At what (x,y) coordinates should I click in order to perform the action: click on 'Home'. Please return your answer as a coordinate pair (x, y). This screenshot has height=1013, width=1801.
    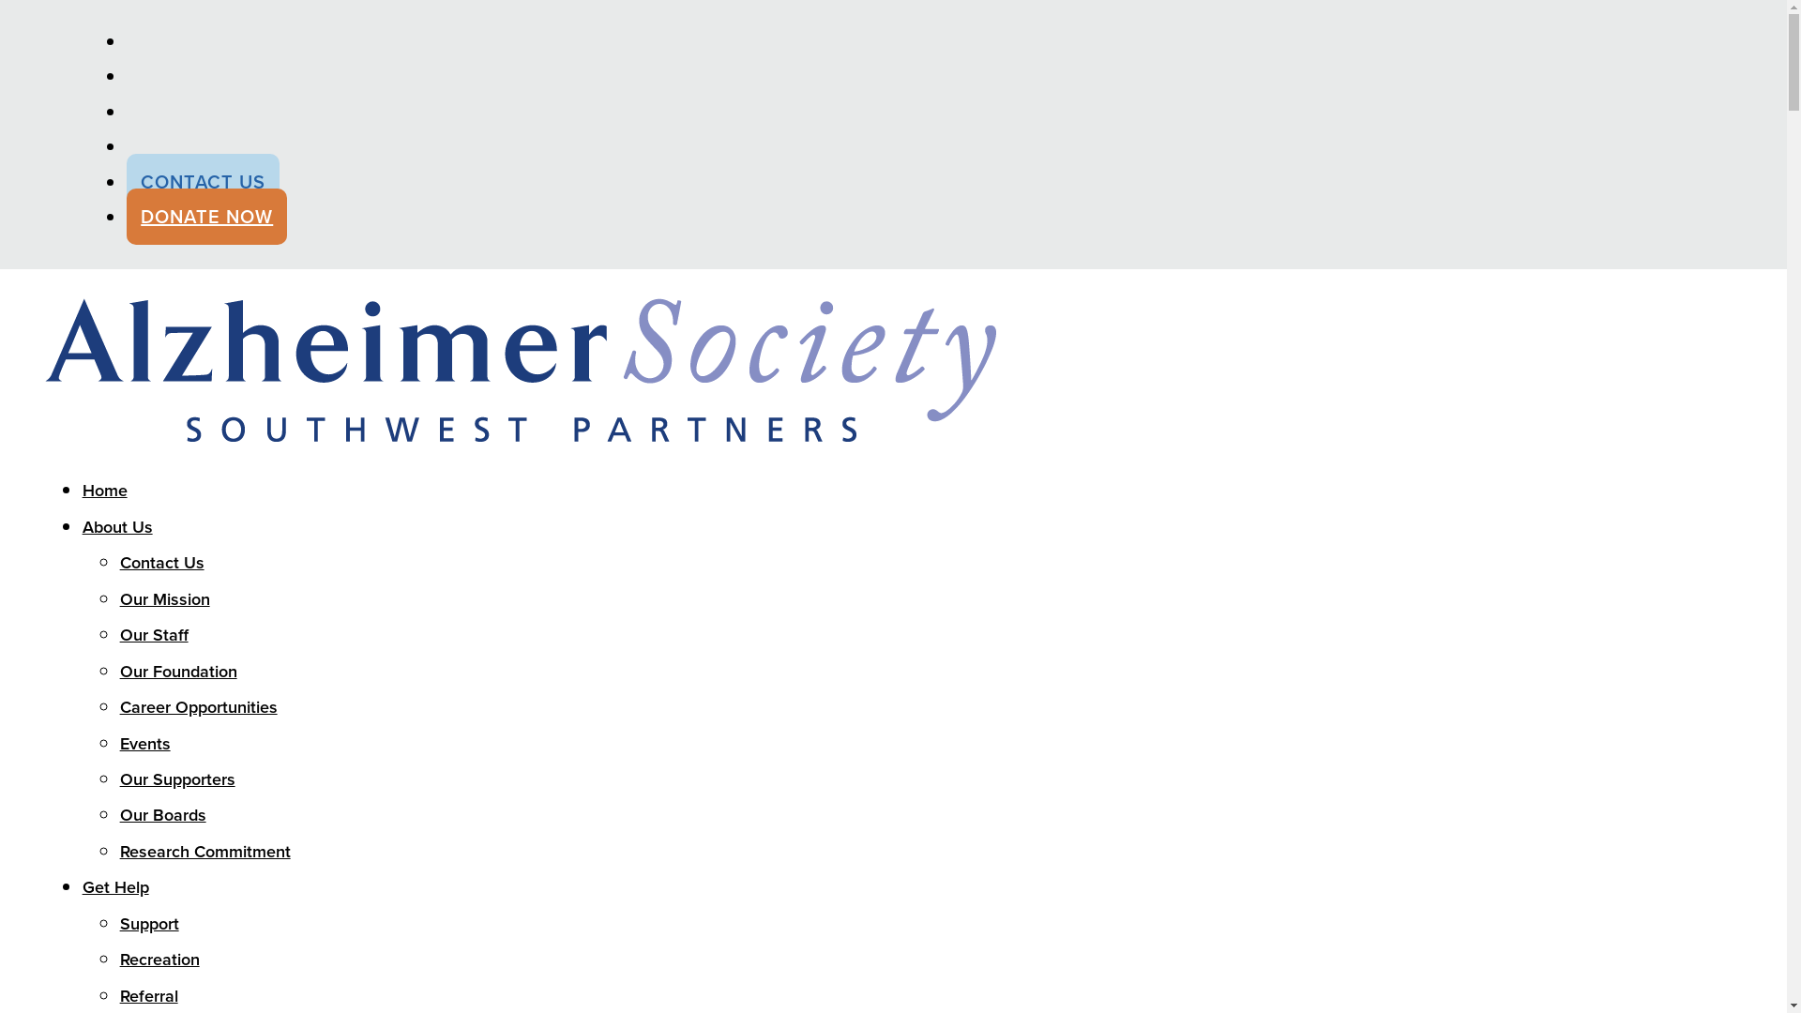
    Looking at the image, I should click on (103, 490).